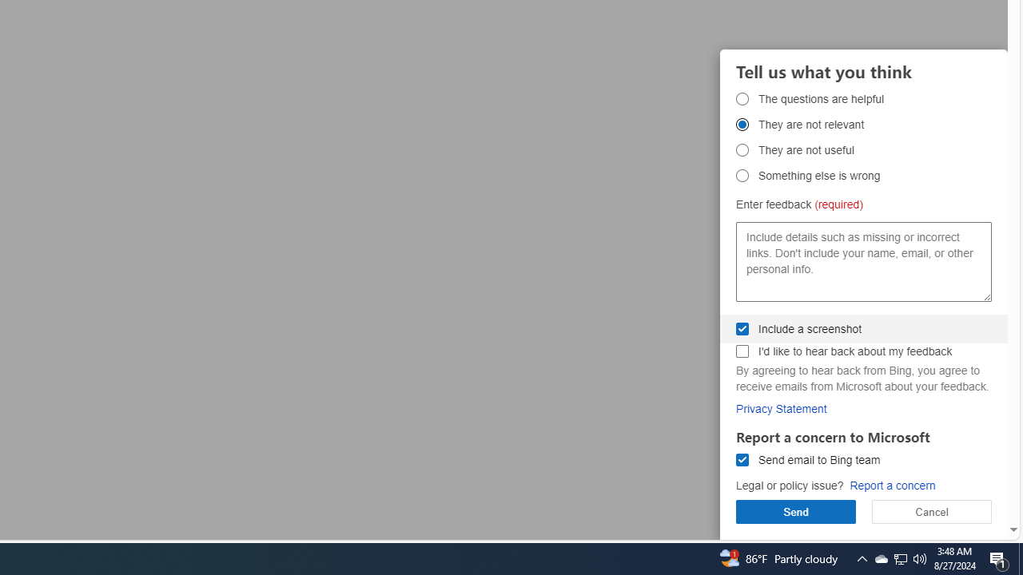 Image resolution: width=1023 pixels, height=575 pixels. What do you see at coordinates (796, 511) in the screenshot?
I see `'Send'` at bounding box center [796, 511].